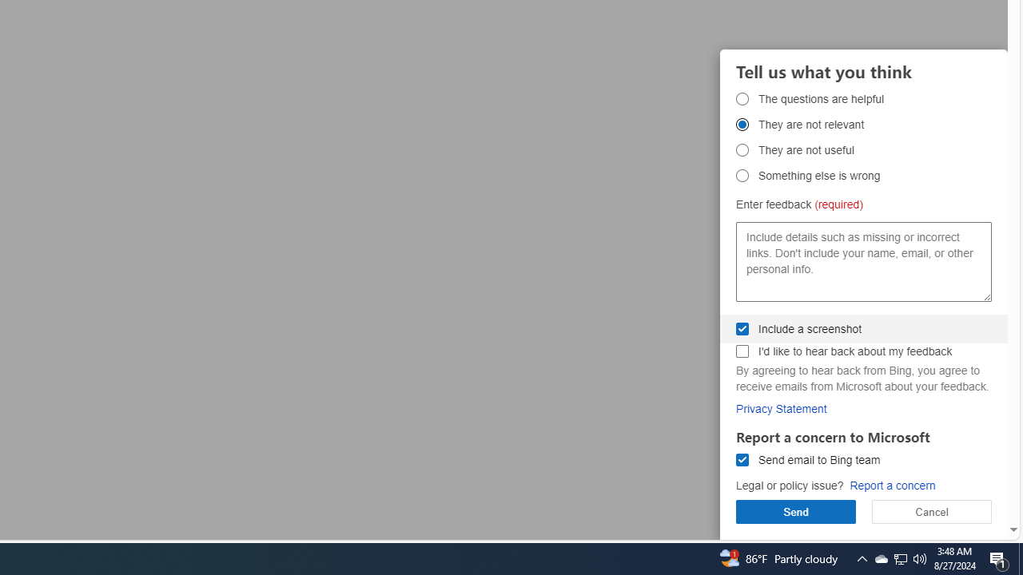 Image resolution: width=1023 pixels, height=575 pixels. What do you see at coordinates (796, 511) in the screenshot?
I see `'Send'` at bounding box center [796, 511].